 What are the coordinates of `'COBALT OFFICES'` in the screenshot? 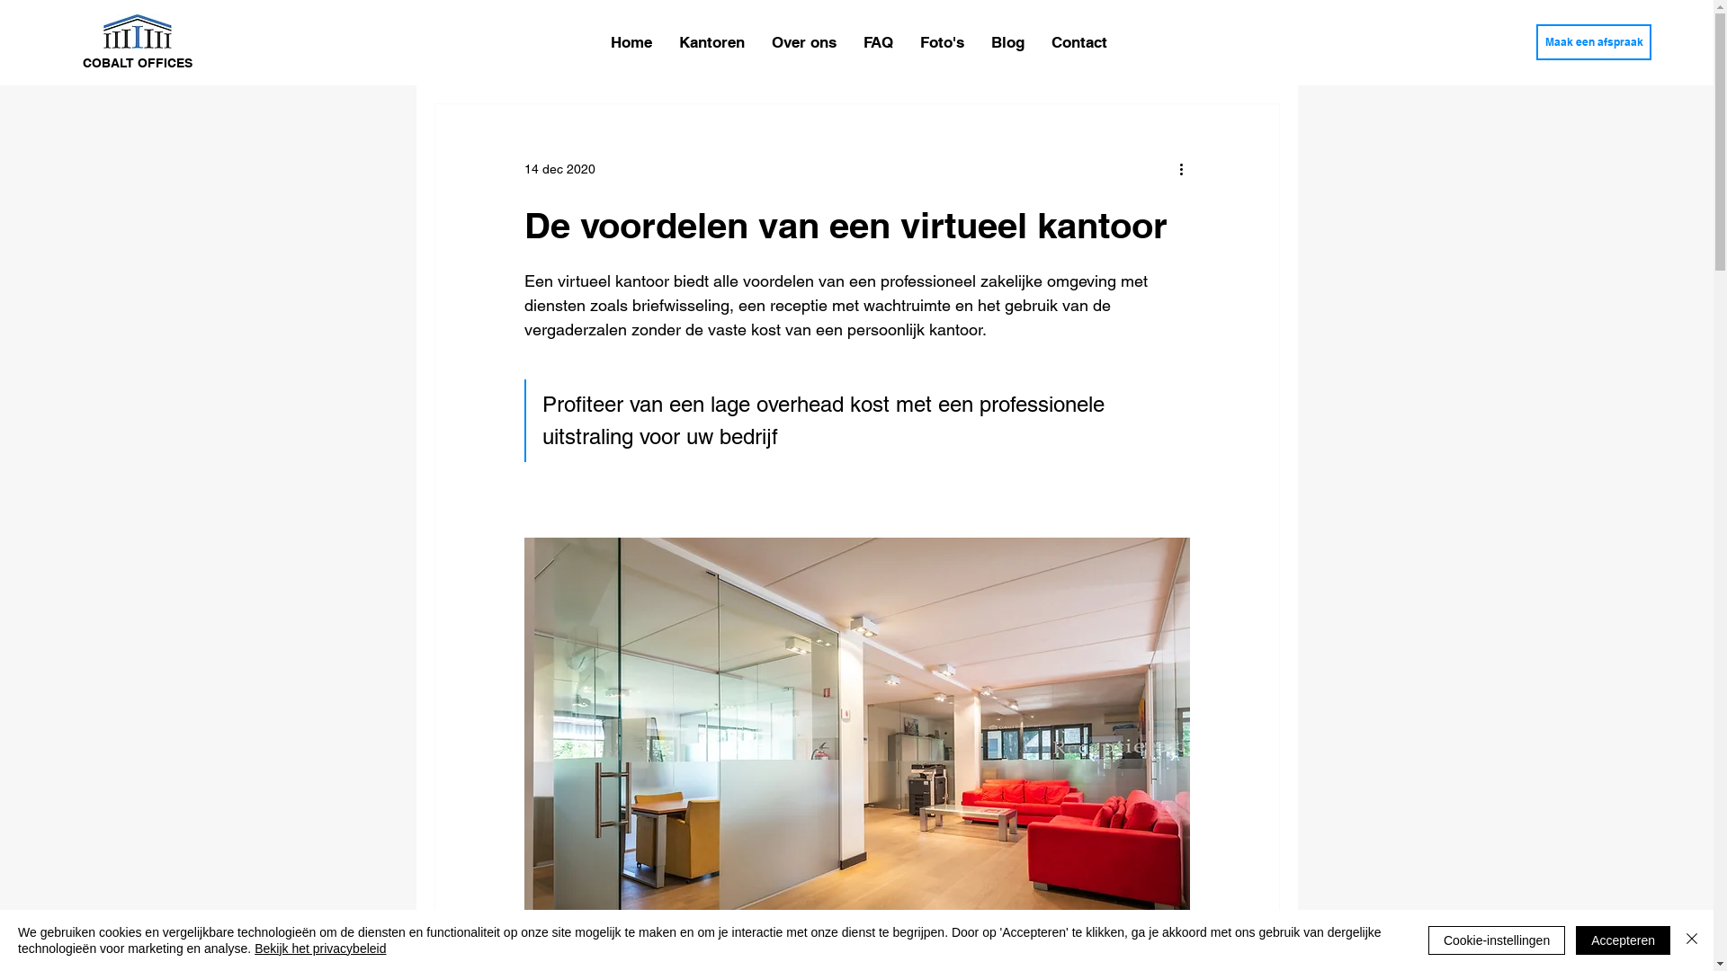 It's located at (137, 61).